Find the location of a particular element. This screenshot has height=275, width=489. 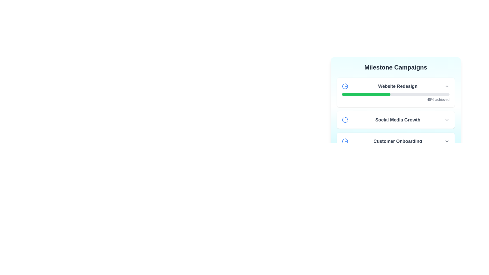

the small upward-pointing chevron icon button located to the far-right of the 'Website Redesign' text is located at coordinates (447, 86).